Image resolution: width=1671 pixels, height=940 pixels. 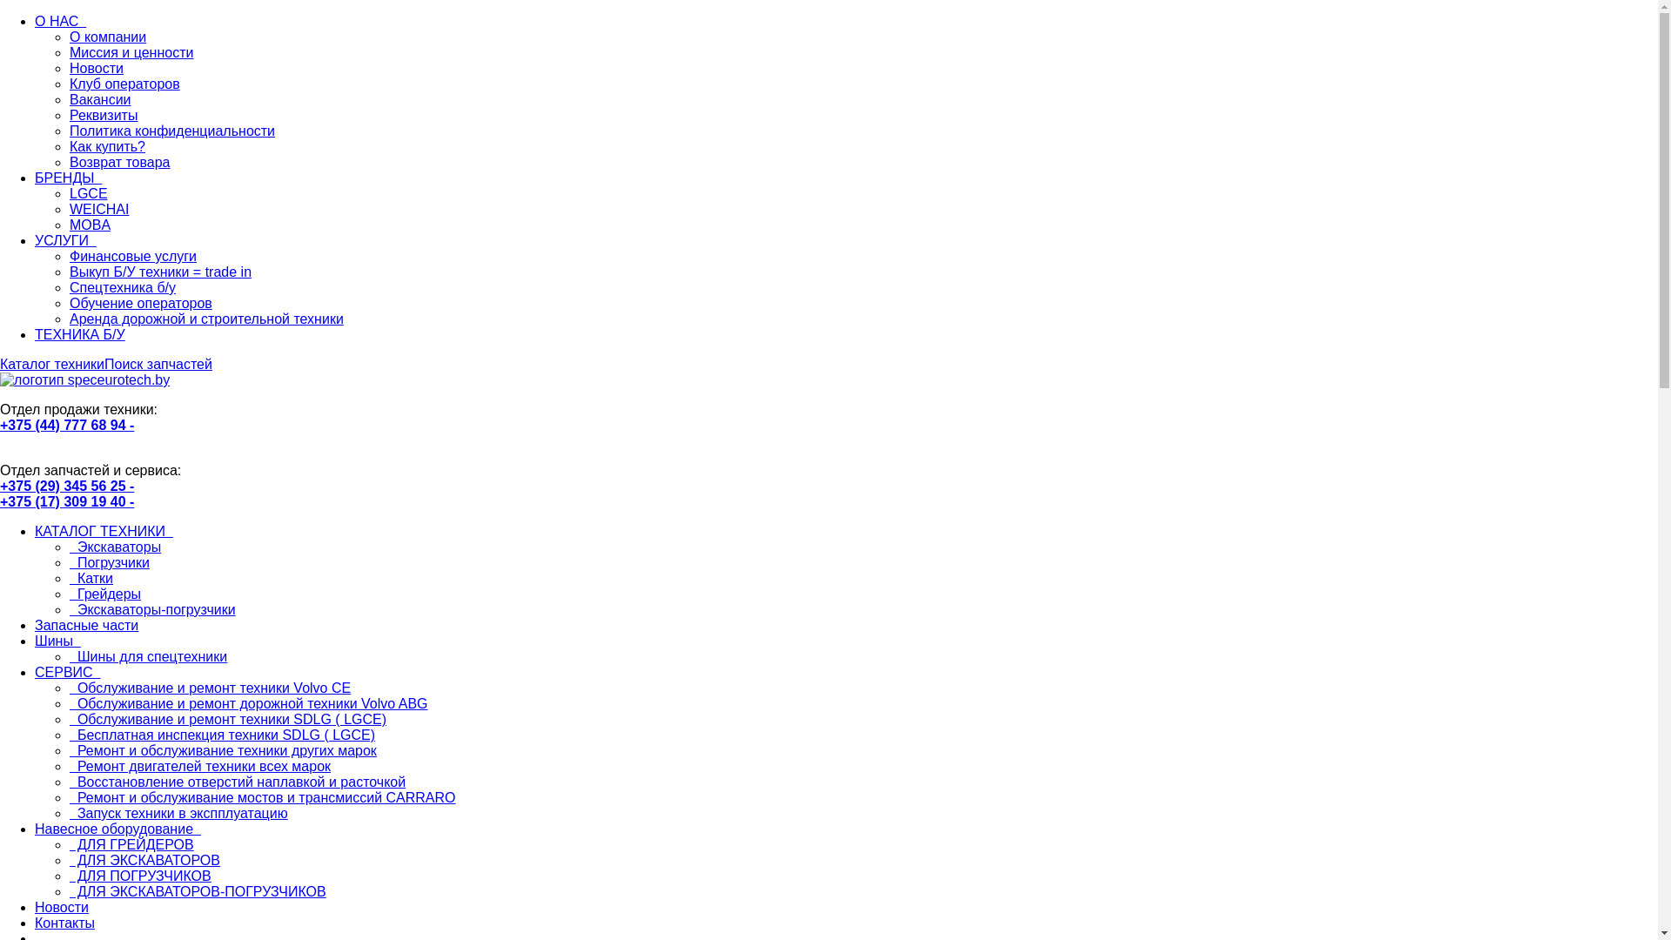 What do you see at coordinates (0, 486) in the screenshot?
I see `'+375 (29) 345 56 25 -'` at bounding box center [0, 486].